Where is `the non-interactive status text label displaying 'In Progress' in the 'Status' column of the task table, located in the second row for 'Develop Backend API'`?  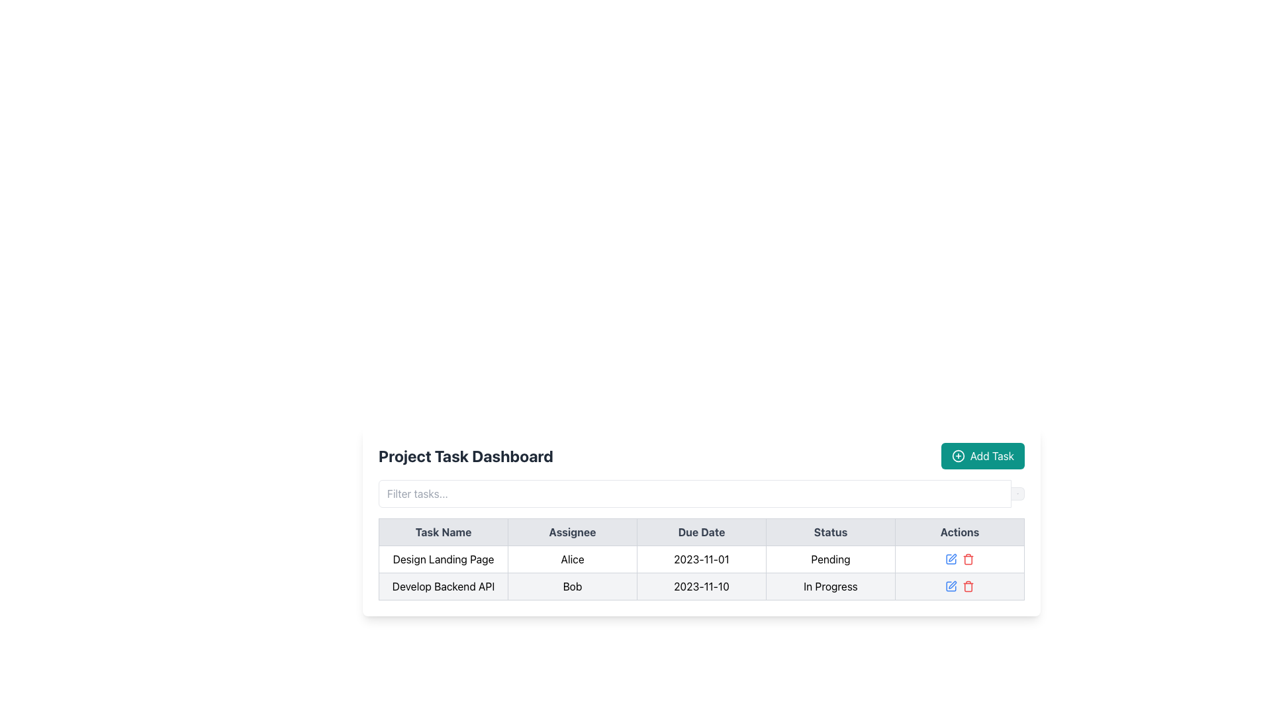
the non-interactive status text label displaying 'In Progress' in the 'Status' column of the task table, located in the second row for 'Develop Backend API' is located at coordinates (829, 586).